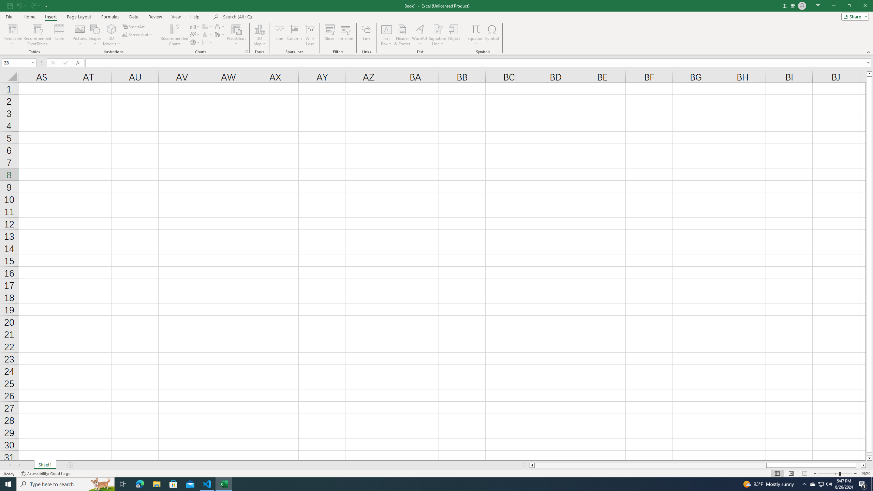 This screenshot has height=491, width=873. I want to click on 'Draw Horizontal Text Box', so click(386, 29).